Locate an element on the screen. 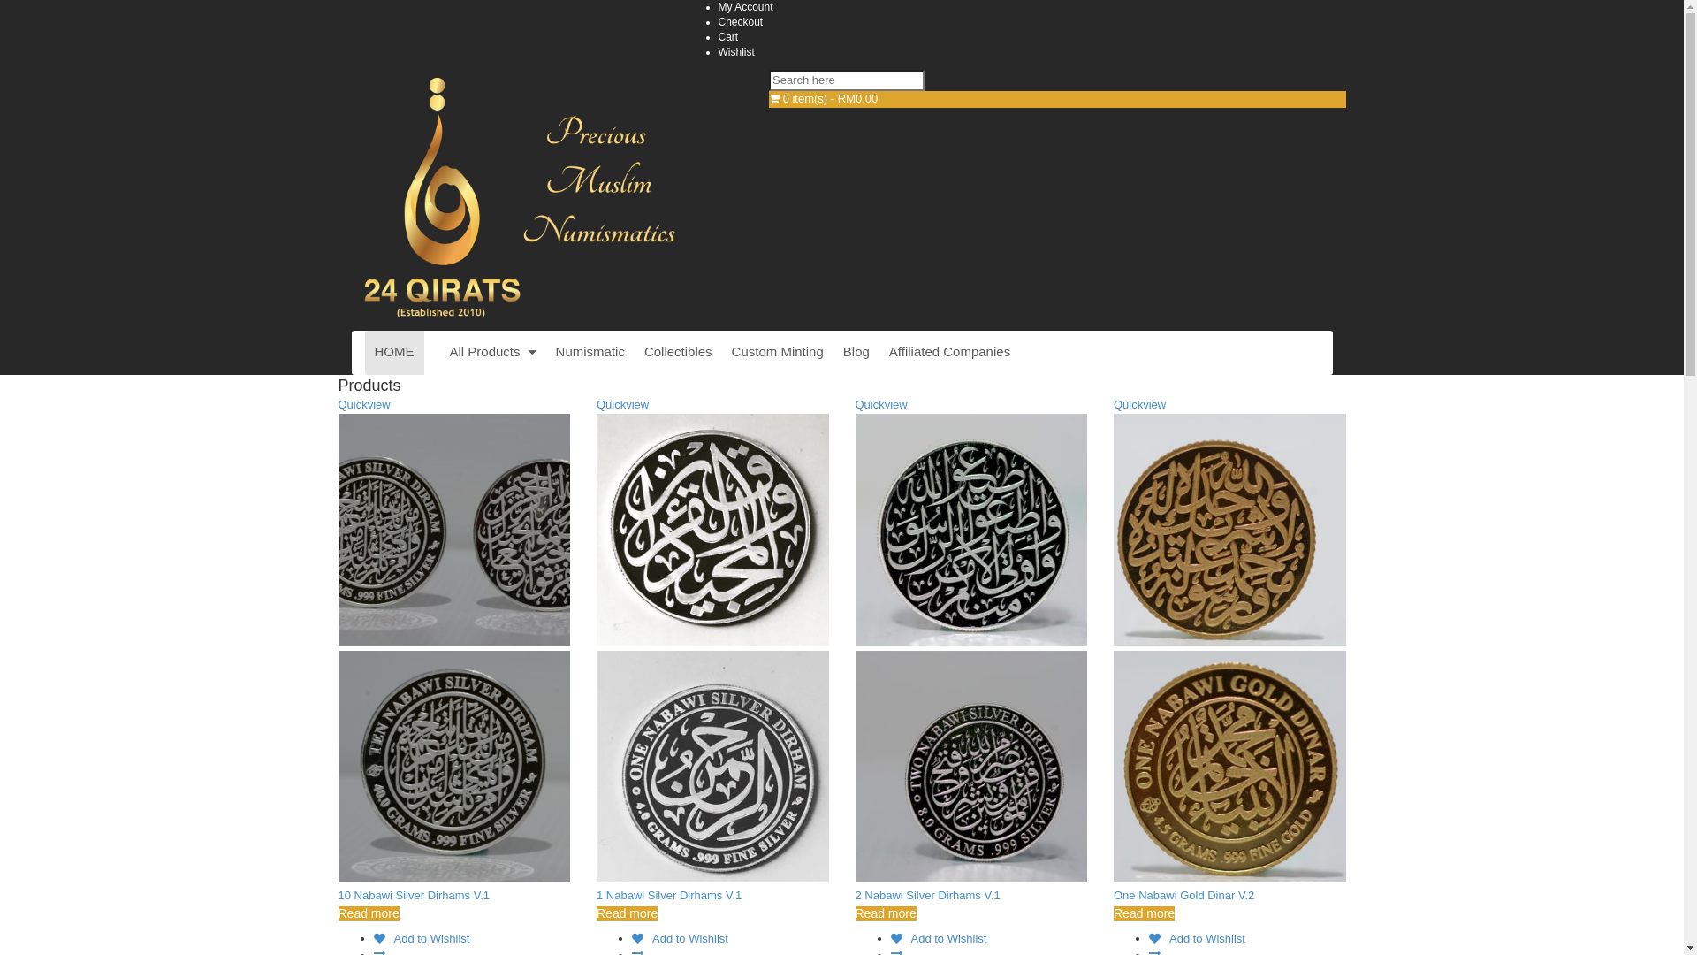 Image resolution: width=1697 pixels, height=955 pixels. 'Blog' is located at coordinates (856, 352).